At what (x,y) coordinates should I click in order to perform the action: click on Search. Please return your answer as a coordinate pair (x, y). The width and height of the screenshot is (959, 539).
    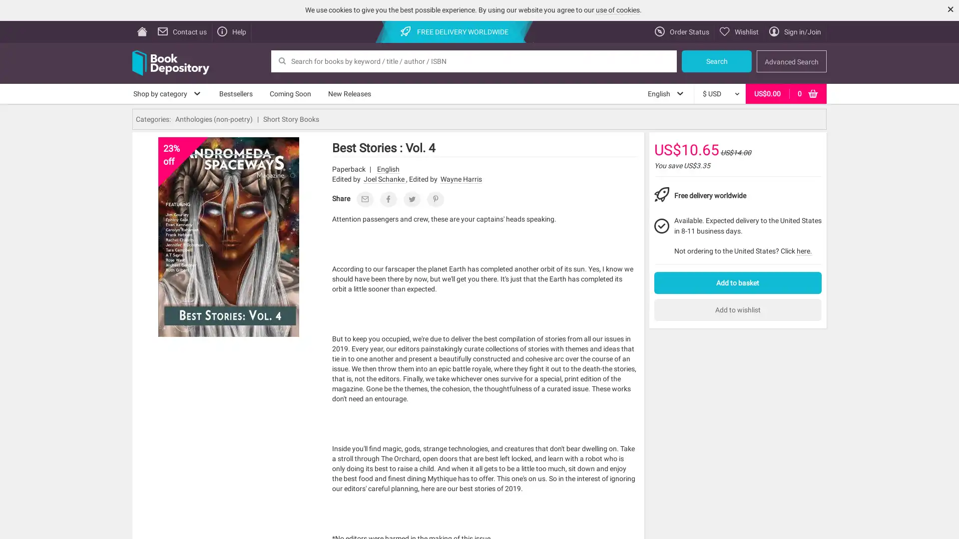
    Looking at the image, I should click on (716, 61).